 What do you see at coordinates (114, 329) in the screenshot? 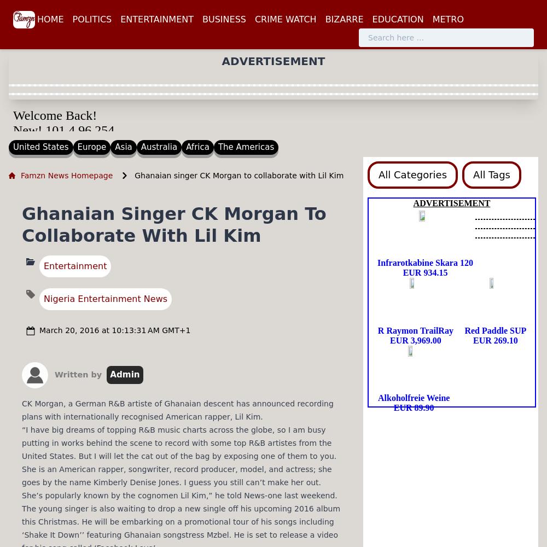
I see `'March 20, 2016 at 10:13:31 AM GMT+1'` at bounding box center [114, 329].